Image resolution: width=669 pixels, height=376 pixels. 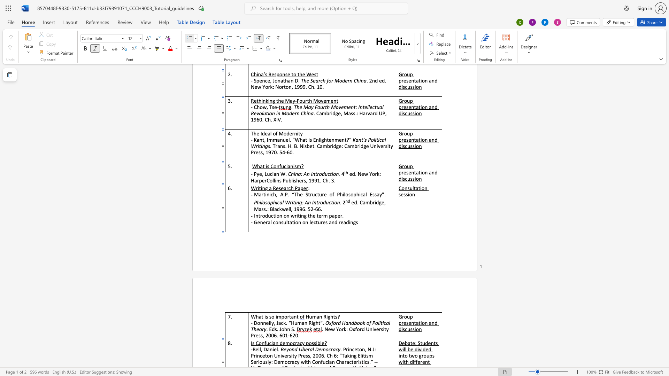 What do you see at coordinates (281, 222) in the screenshot?
I see `the space between the continuous character "n" and "s" in the text` at bounding box center [281, 222].